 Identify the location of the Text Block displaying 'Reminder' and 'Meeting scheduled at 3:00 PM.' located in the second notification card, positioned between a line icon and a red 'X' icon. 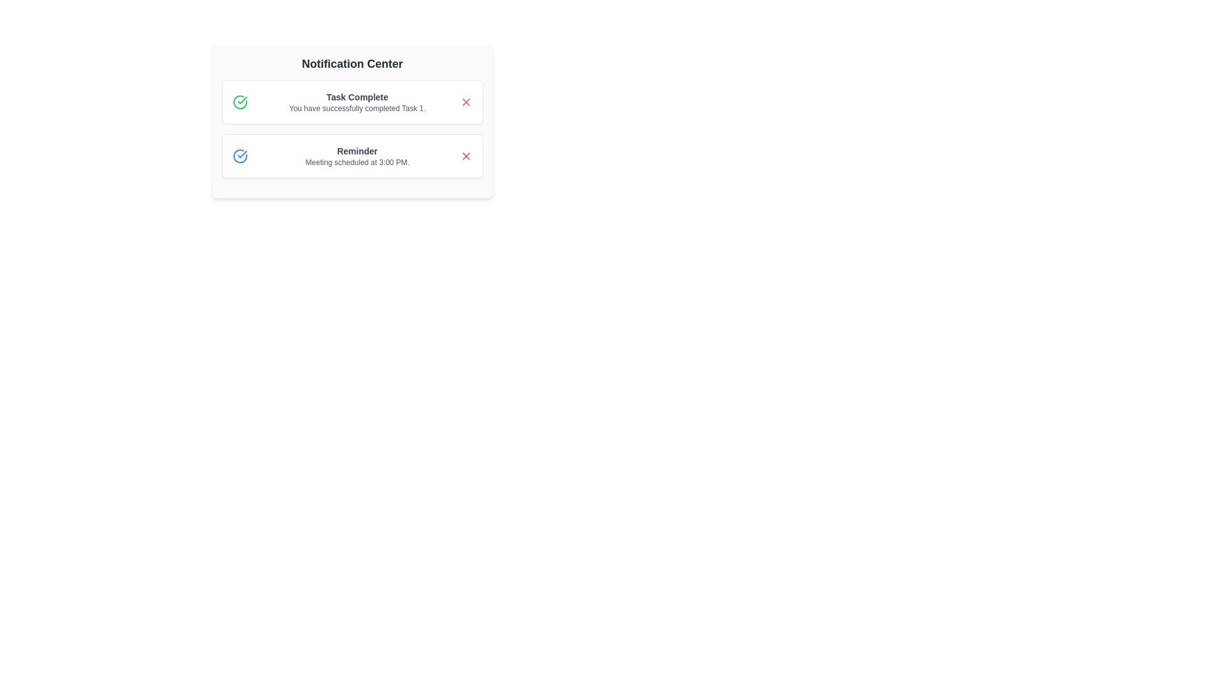
(356, 156).